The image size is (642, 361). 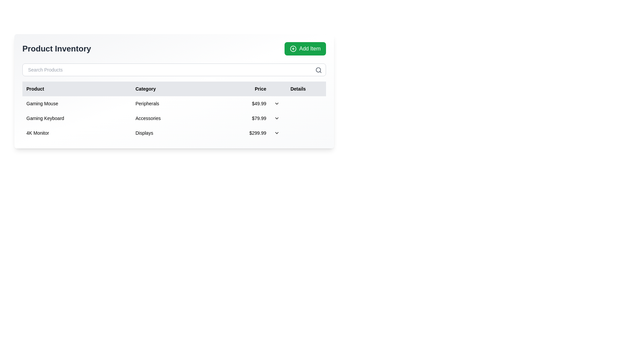 What do you see at coordinates (174, 118) in the screenshot?
I see `the second row of the product information table, which displays details for a product located below the 'Gaming Mouse' row and above the '4K Monitor' row` at bounding box center [174, 118].